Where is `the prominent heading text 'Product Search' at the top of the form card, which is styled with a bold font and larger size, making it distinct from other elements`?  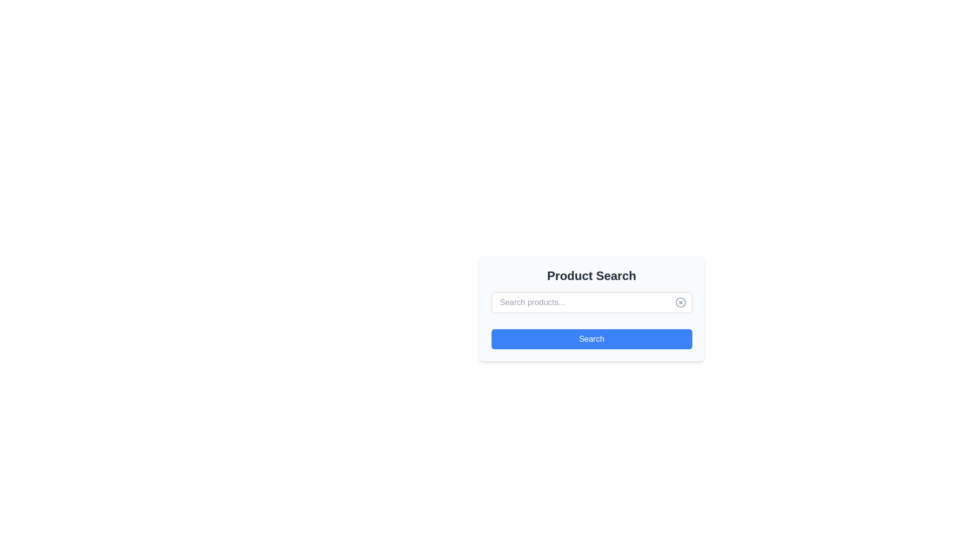 the prominent heading text 'Product Search' at the top of the form card, which is styled with a bold font and larger size, making it distinct from other elements is located at coordinates (591, 276).